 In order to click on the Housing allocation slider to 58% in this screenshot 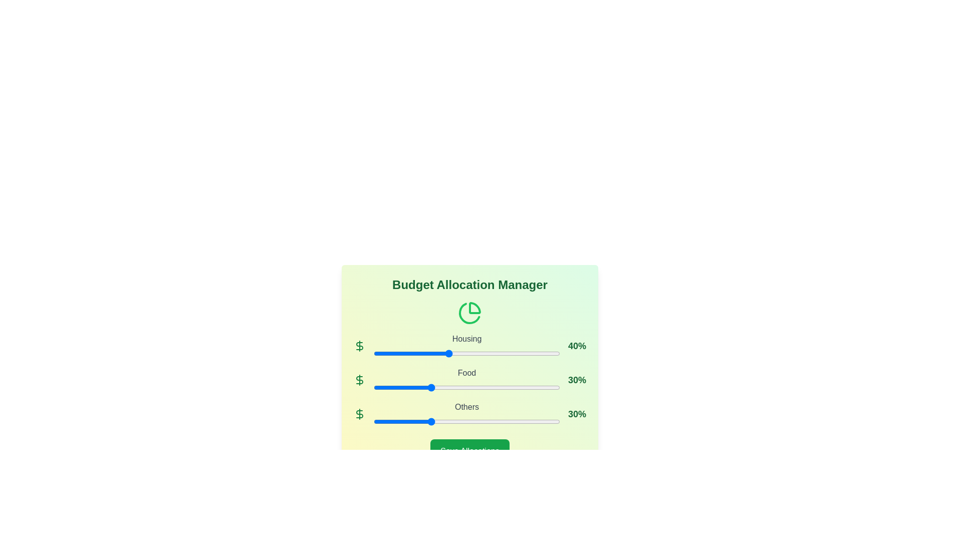, I will do `click(482, 353)`.